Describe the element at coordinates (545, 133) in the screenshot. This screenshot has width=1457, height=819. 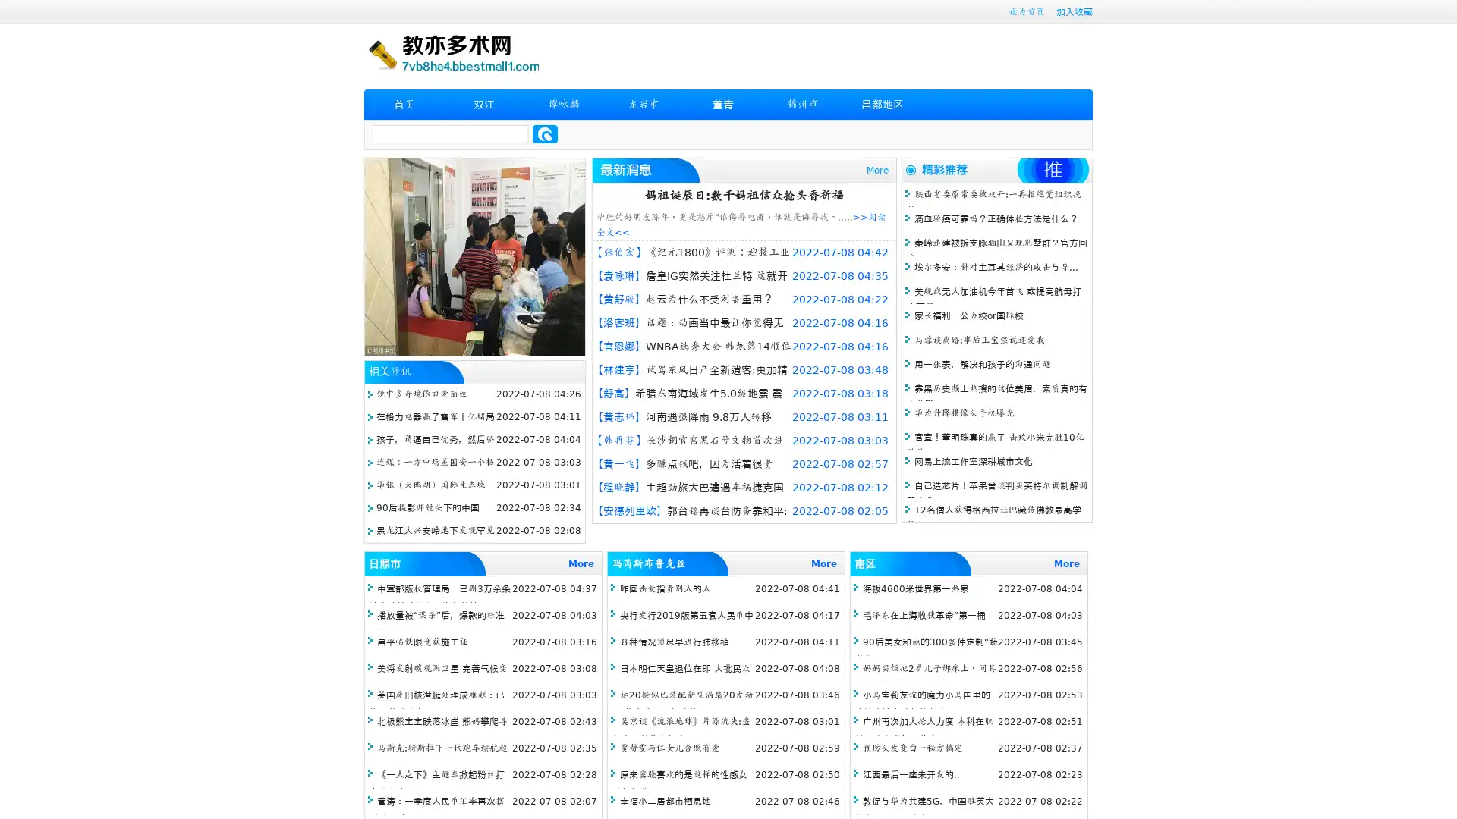
I see `Search` at that location.